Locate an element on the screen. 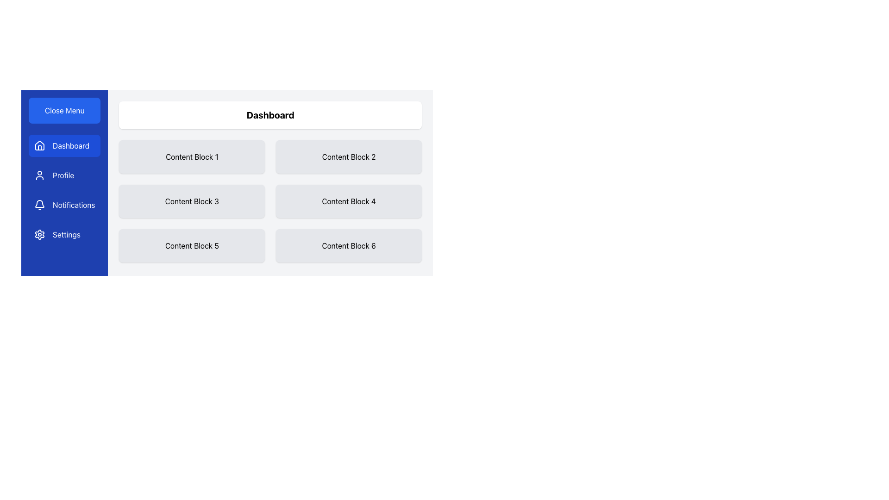 The height and width of the screenshot is (500, 889). the informational block located in the second row and first column of the grid layout is located at coordinates (191, 201).